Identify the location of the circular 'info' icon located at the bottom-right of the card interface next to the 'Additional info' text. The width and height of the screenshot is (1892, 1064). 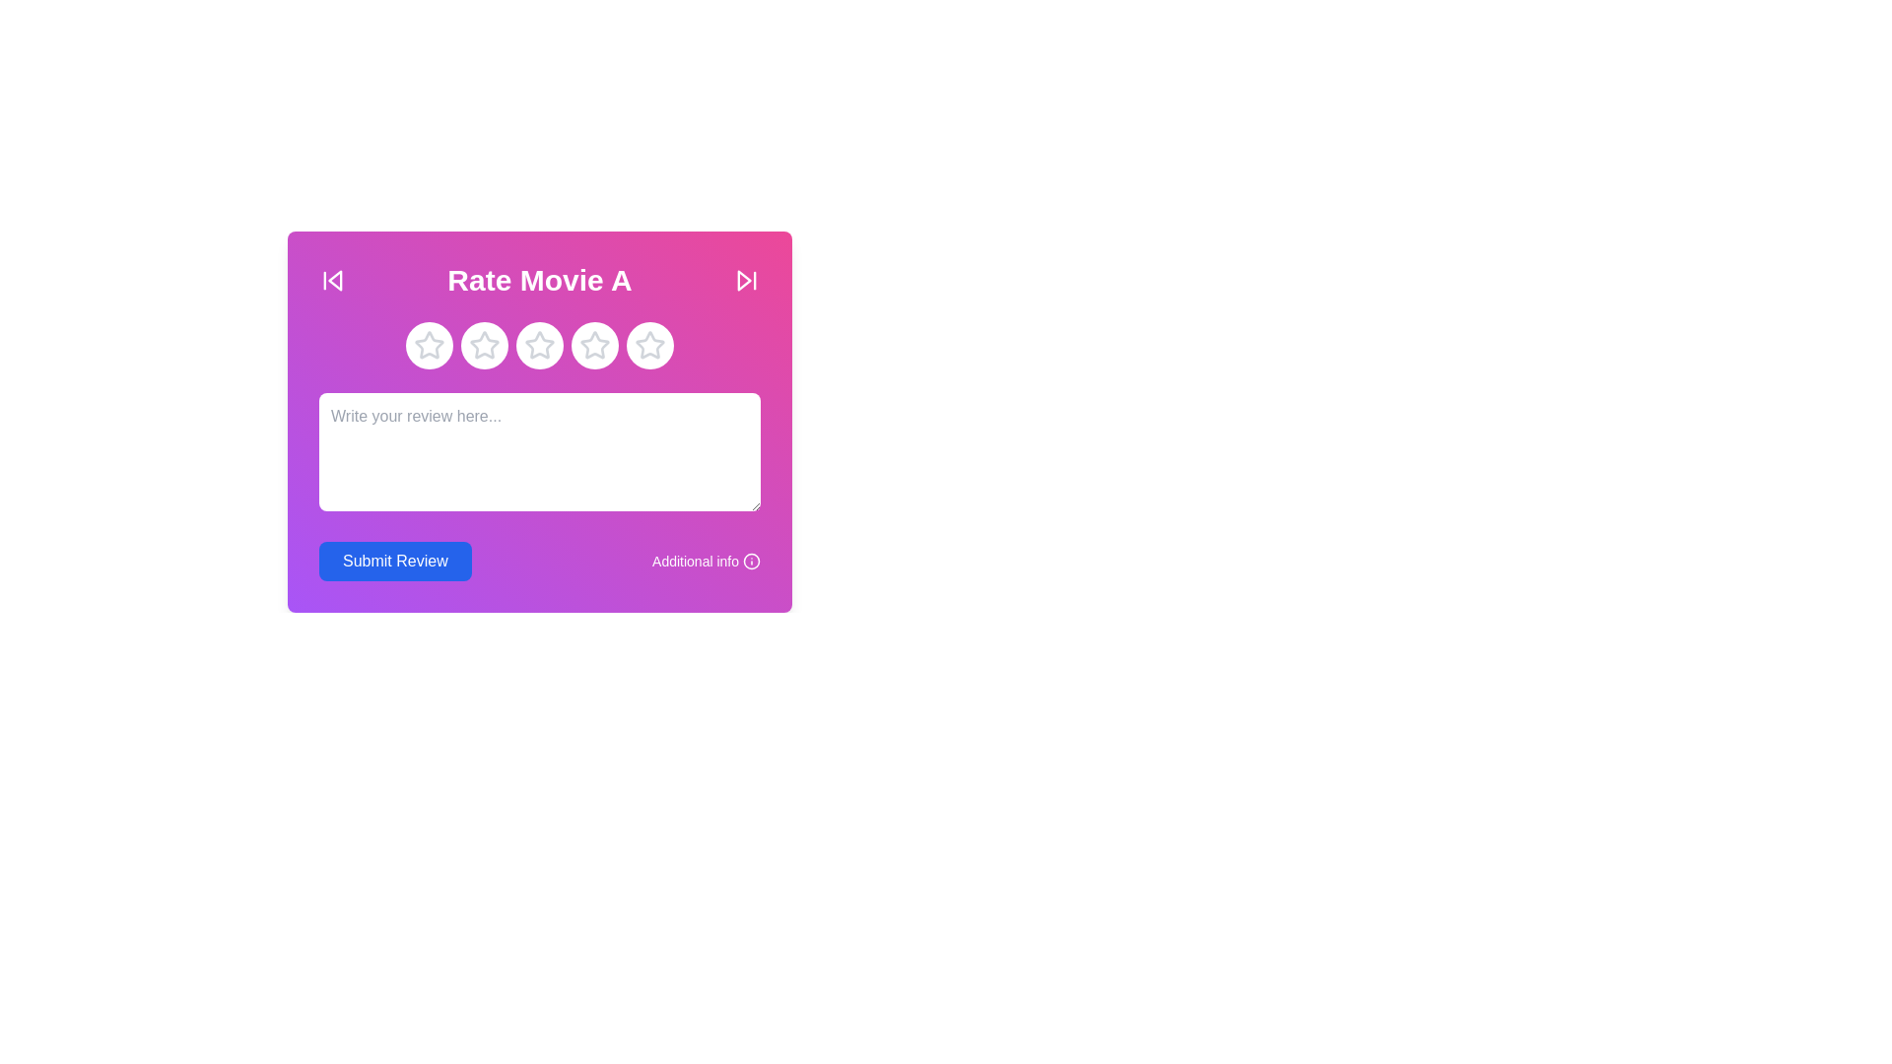
(751, 562).